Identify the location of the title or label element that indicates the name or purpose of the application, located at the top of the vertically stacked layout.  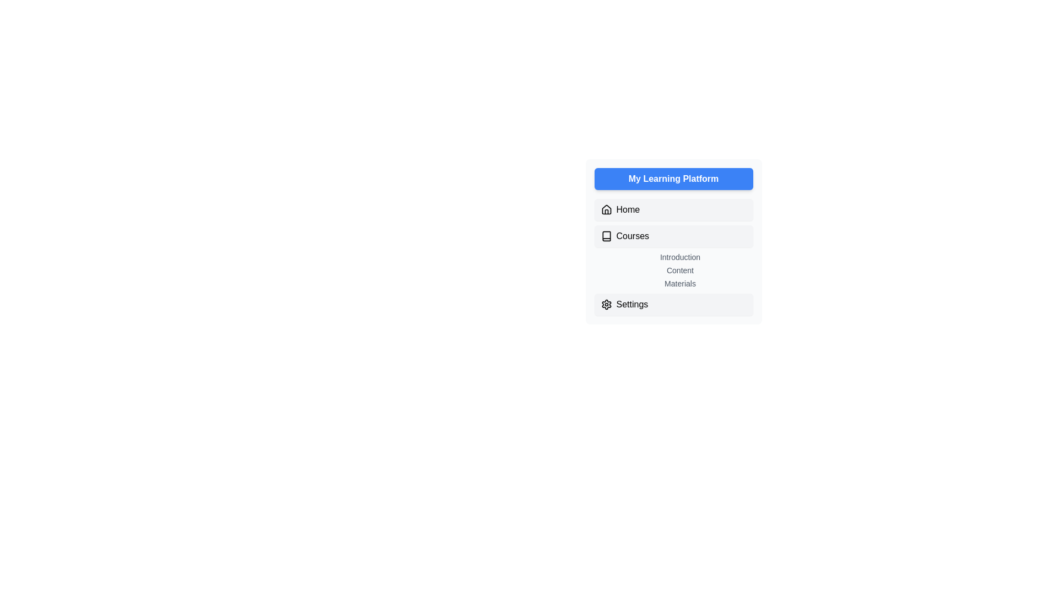
(673, 178).